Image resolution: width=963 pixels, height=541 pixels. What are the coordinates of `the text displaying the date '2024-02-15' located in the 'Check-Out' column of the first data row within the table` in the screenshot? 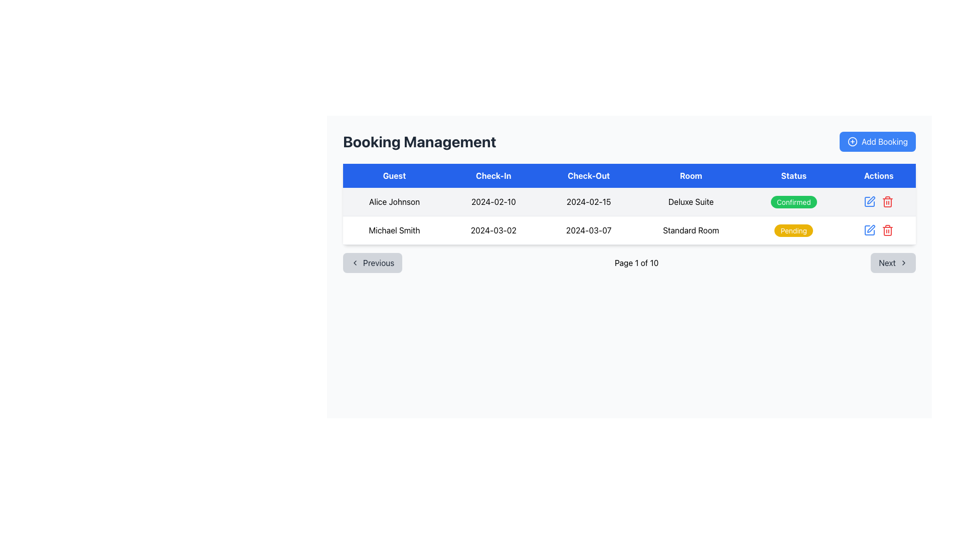 It's located at (588, 202).